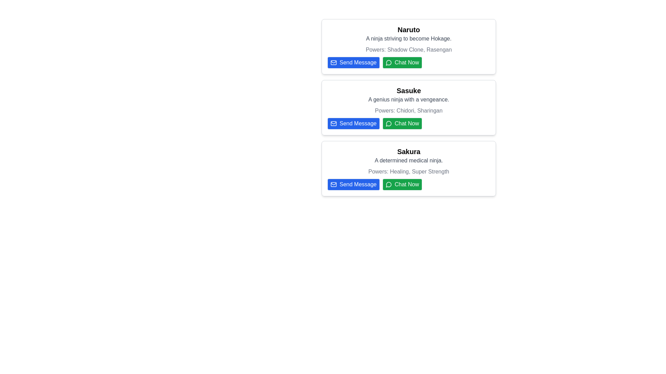 The width and height of the screenshot is (666, 374). I want to click on the circular chat icon within the 'Chat Now' button to initiate a chat, so click(388, 184).